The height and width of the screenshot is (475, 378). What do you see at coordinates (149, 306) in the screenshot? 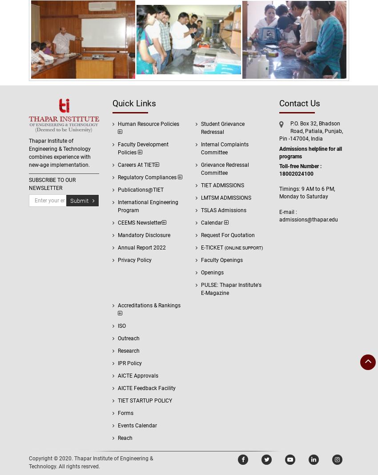
I see `'Accreditations & Rankings'` at bounding box center [149, 306].